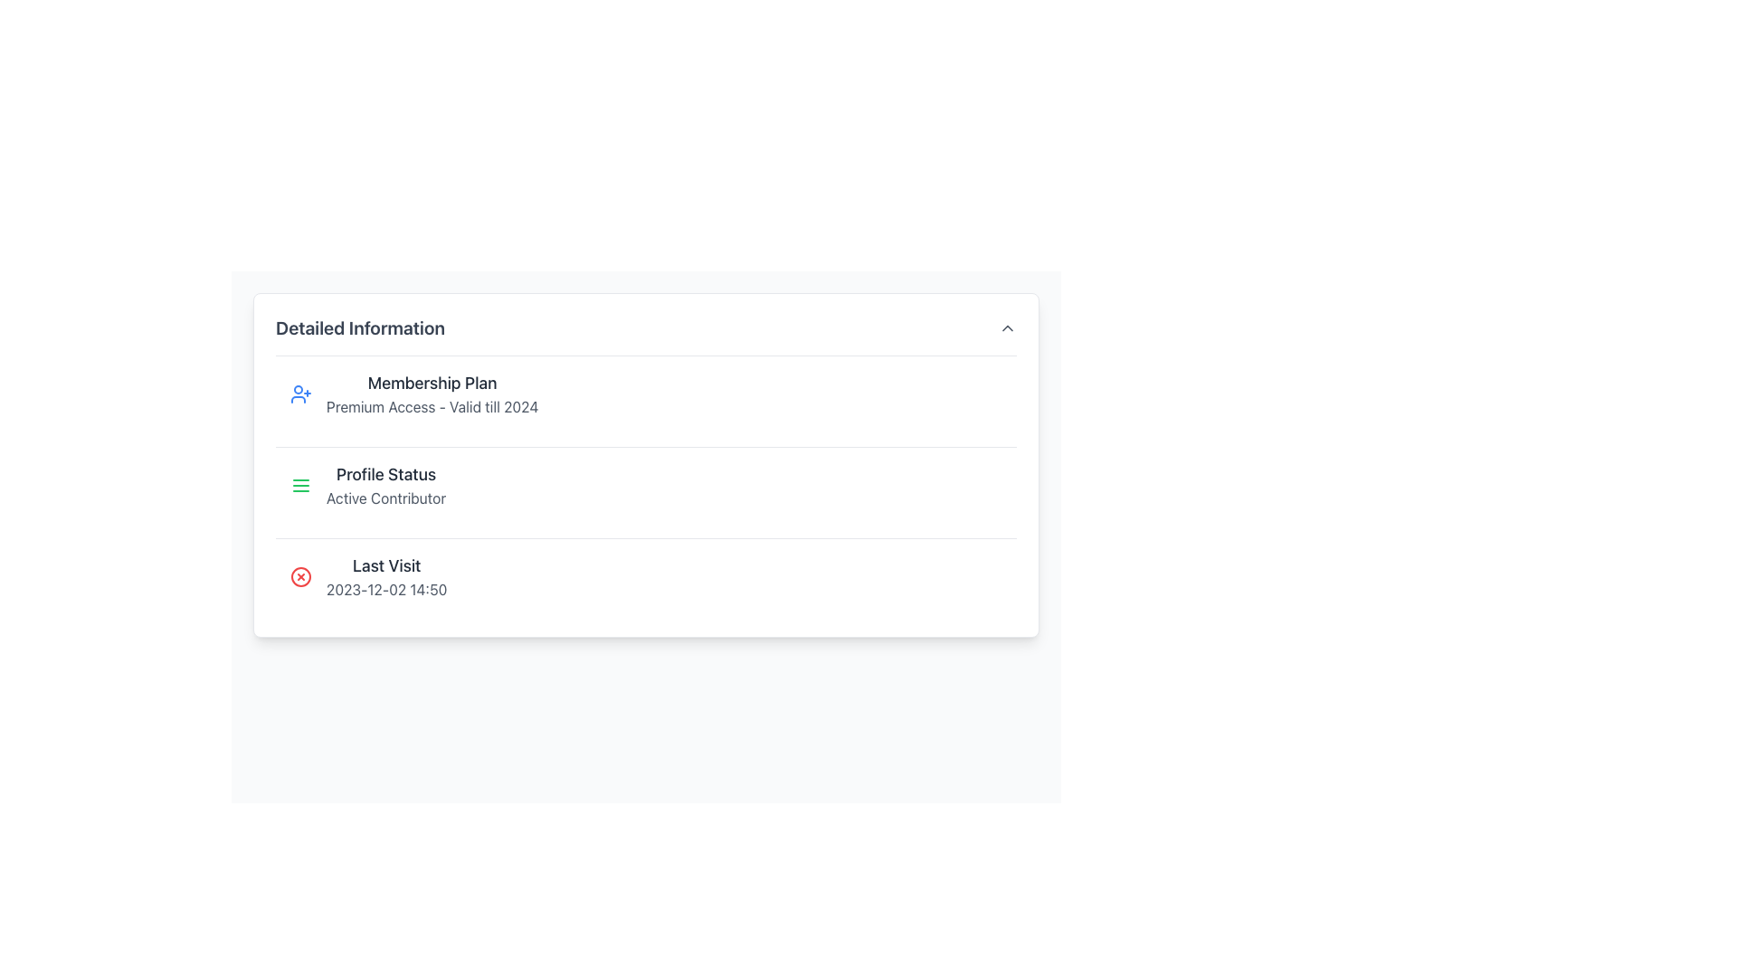 The image size is (1737, 977). What do you see at coordinates (385, 473) in the screenshot?
I see `'Profile Status' text label, which is displayed in a bold font style and located in the 'Profile Status' section on the left side of the card layout` at bounding box center [385, 473].